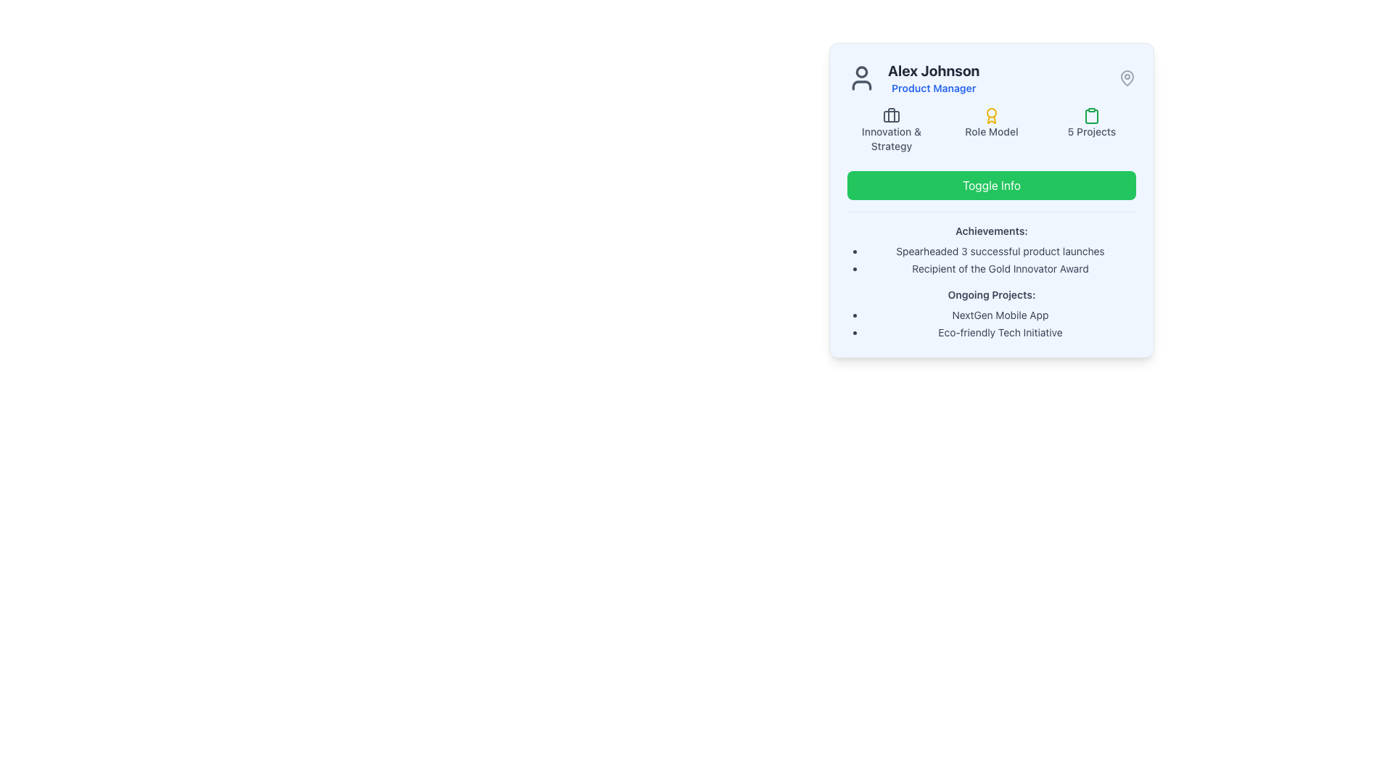 The image size is (1393, 783). What do you see at coordinates (991, 112) in the screenshot?
I see `the yellow circular SVG element that is part of the medal icon, located above the 'Role Model' text` at bounding box center [991, 112].